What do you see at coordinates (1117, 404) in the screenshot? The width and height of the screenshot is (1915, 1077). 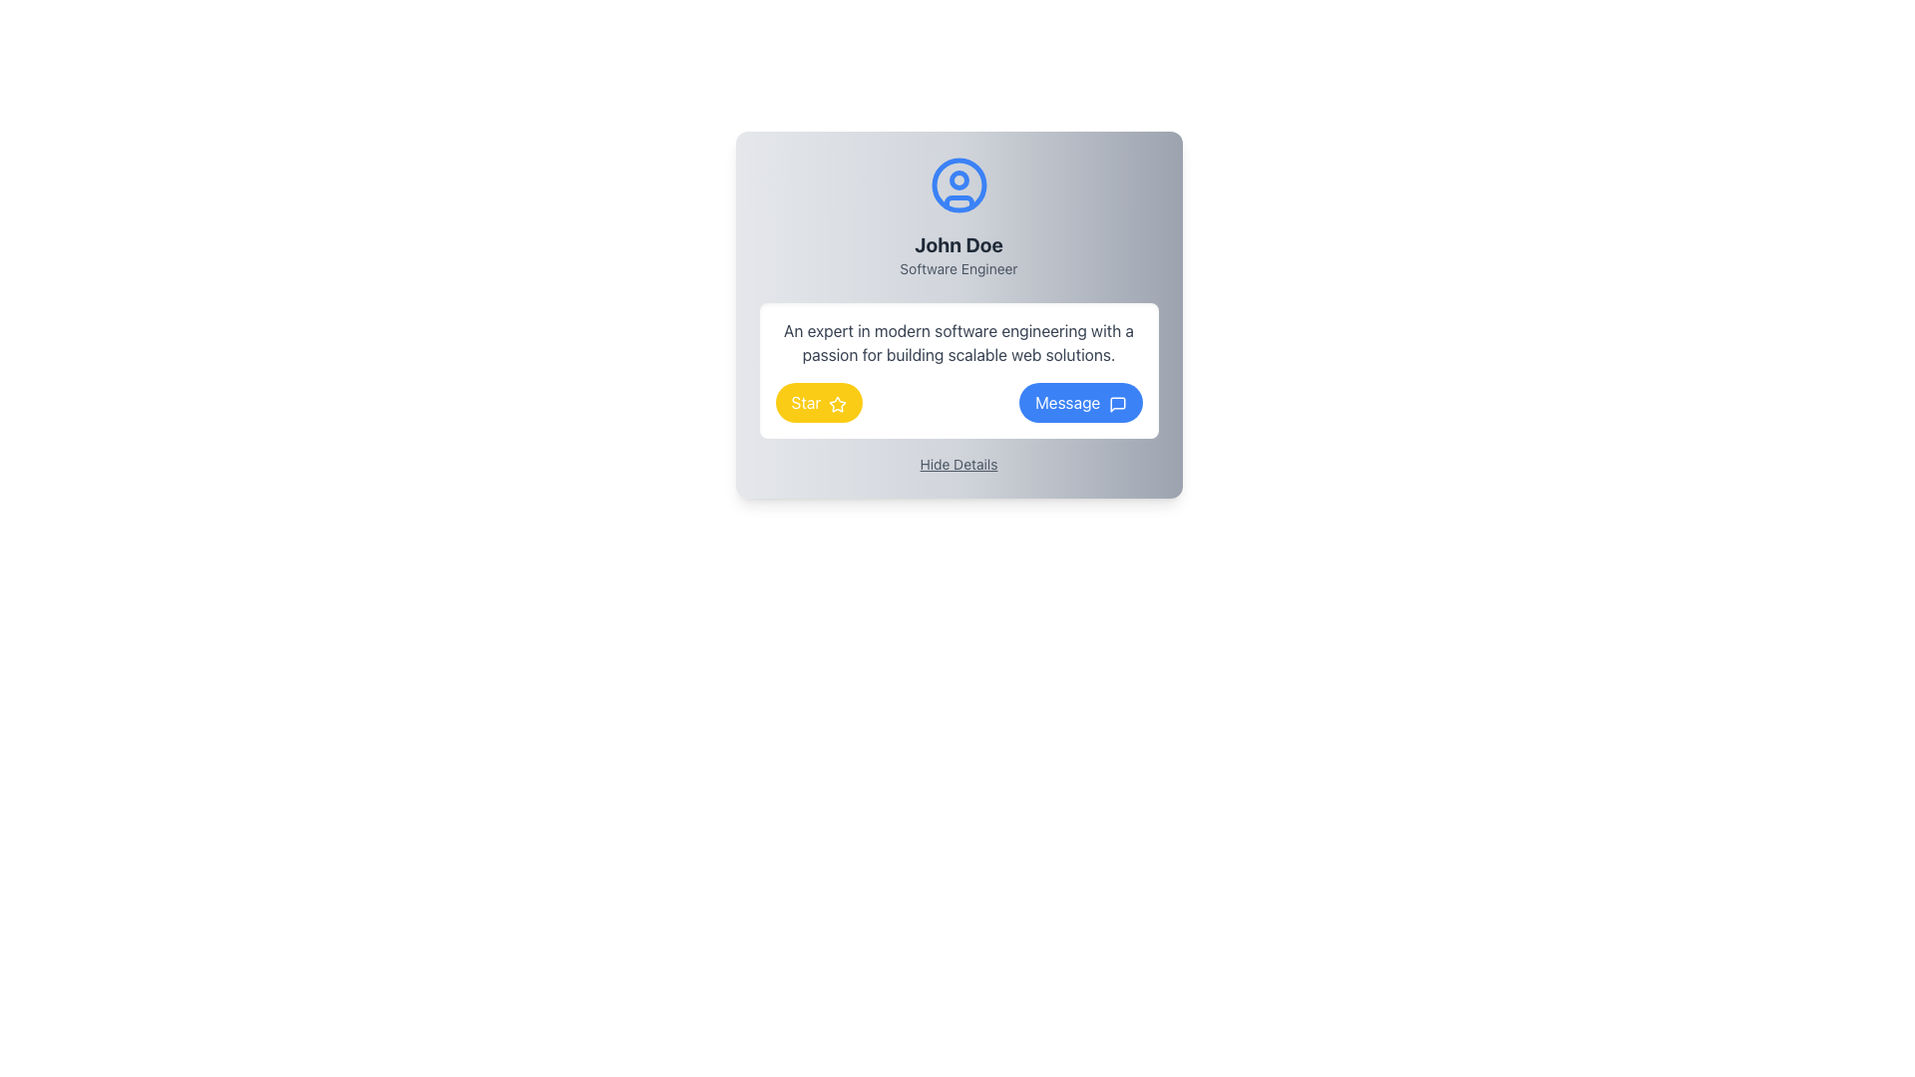 I see `the small speech bubble-like icon that indicates the messaging interface` at bounding box center [1117, 404].